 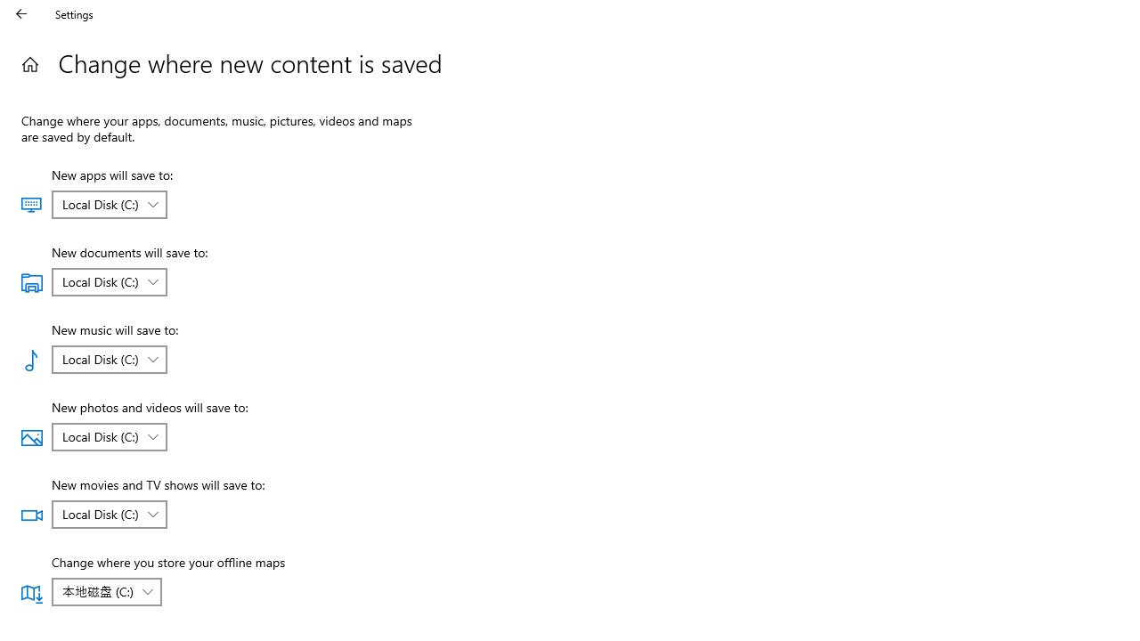 I want to click on 'New music will save to:', so click(x=108, y=359).